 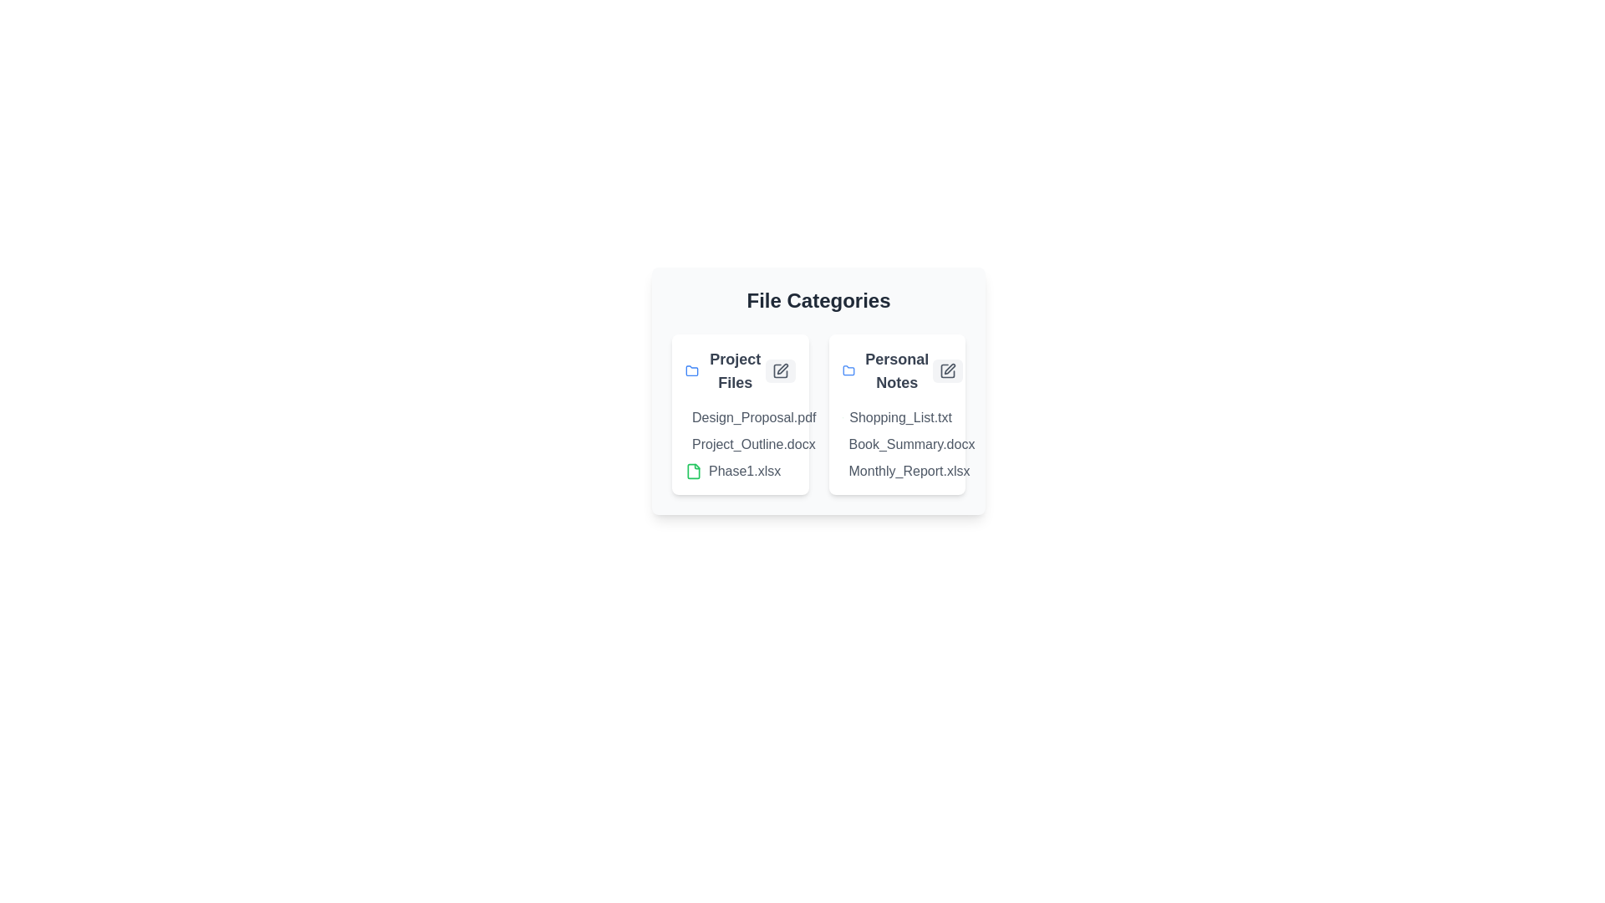 What do you see at coordinates (896, 414) in the screenshot?
I see `the category card labeled Personal Notes` at bounding box center [896, 414].